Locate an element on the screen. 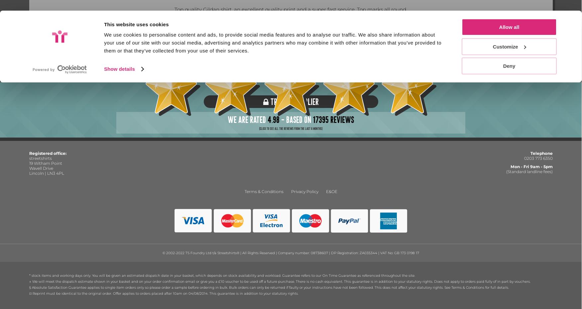 This screenshot has width=582, height=309. 'Registered office:' is located at coordinates (48, 153).